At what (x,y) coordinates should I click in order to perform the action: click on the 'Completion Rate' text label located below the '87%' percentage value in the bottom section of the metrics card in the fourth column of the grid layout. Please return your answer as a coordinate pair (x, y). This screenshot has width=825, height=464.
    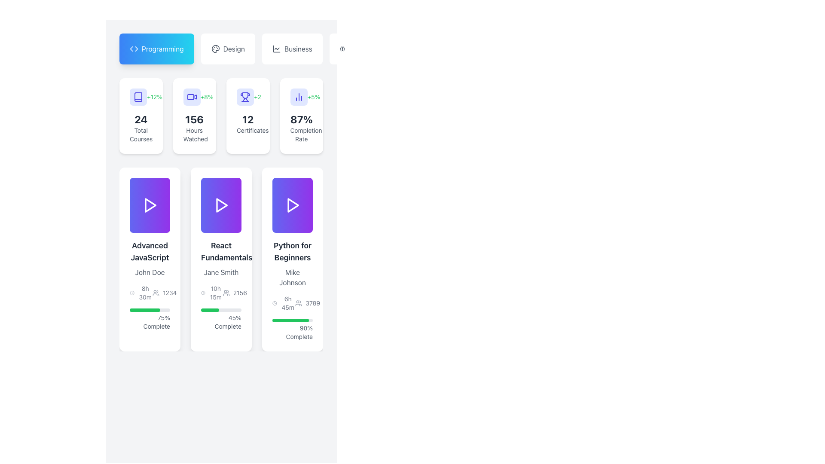
    Looking at the image, I should click on (301, 134).